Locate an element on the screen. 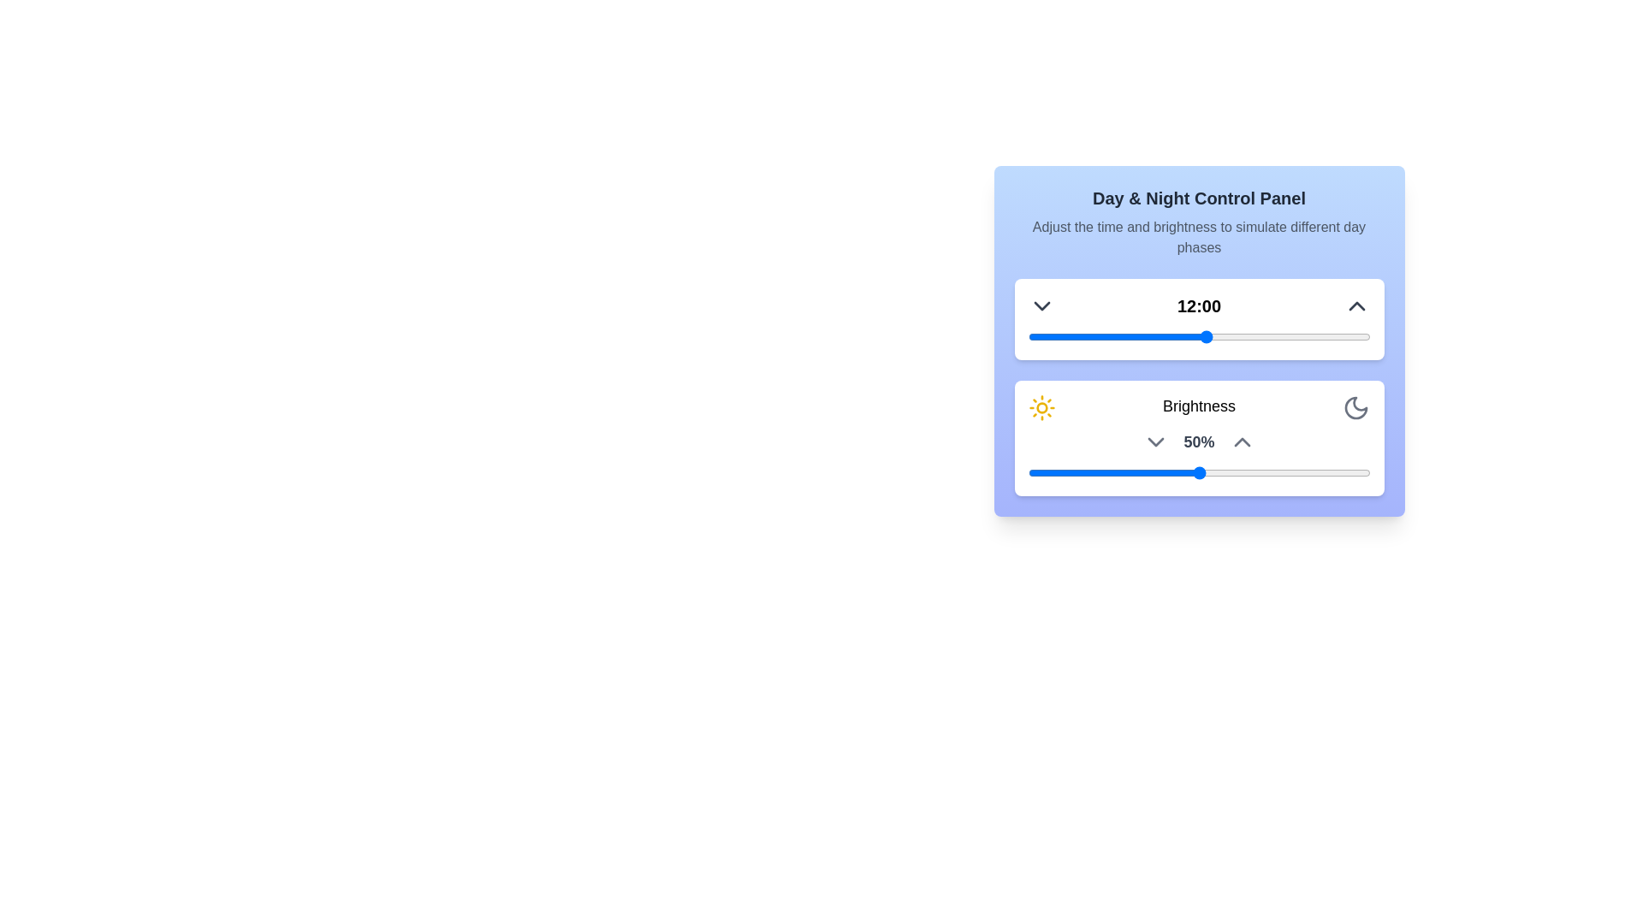 Image resolution: width=1643 pixels, height=924 pixels. the upward triangular arrow button located in the 'Brightness' control section to increase brightness is located at coordinates (1242, 441).